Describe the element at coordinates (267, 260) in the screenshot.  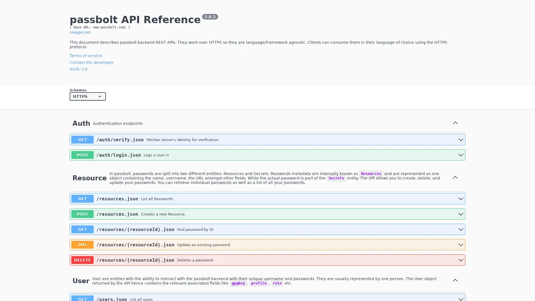
I see `delete /resources/{resourceId}.json` at that location.